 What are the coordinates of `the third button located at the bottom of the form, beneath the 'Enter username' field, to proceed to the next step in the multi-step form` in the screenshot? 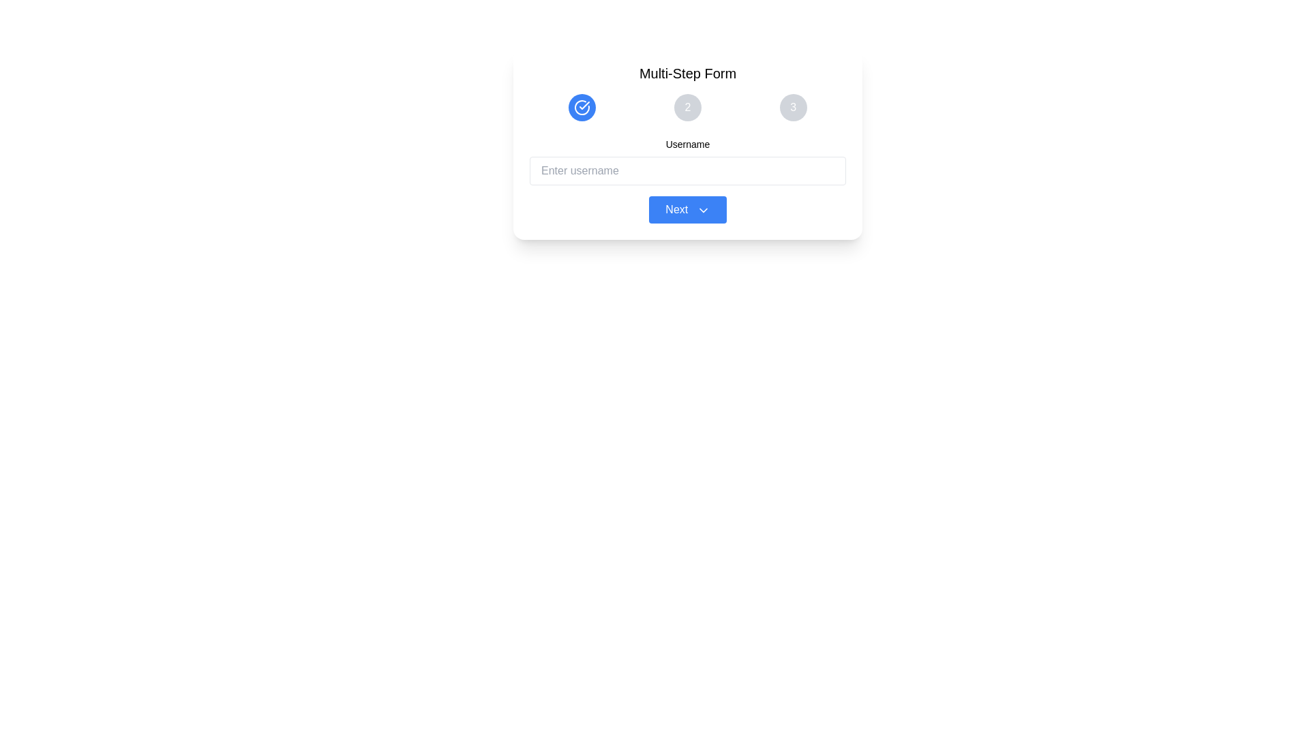 It's located at (687, 210).